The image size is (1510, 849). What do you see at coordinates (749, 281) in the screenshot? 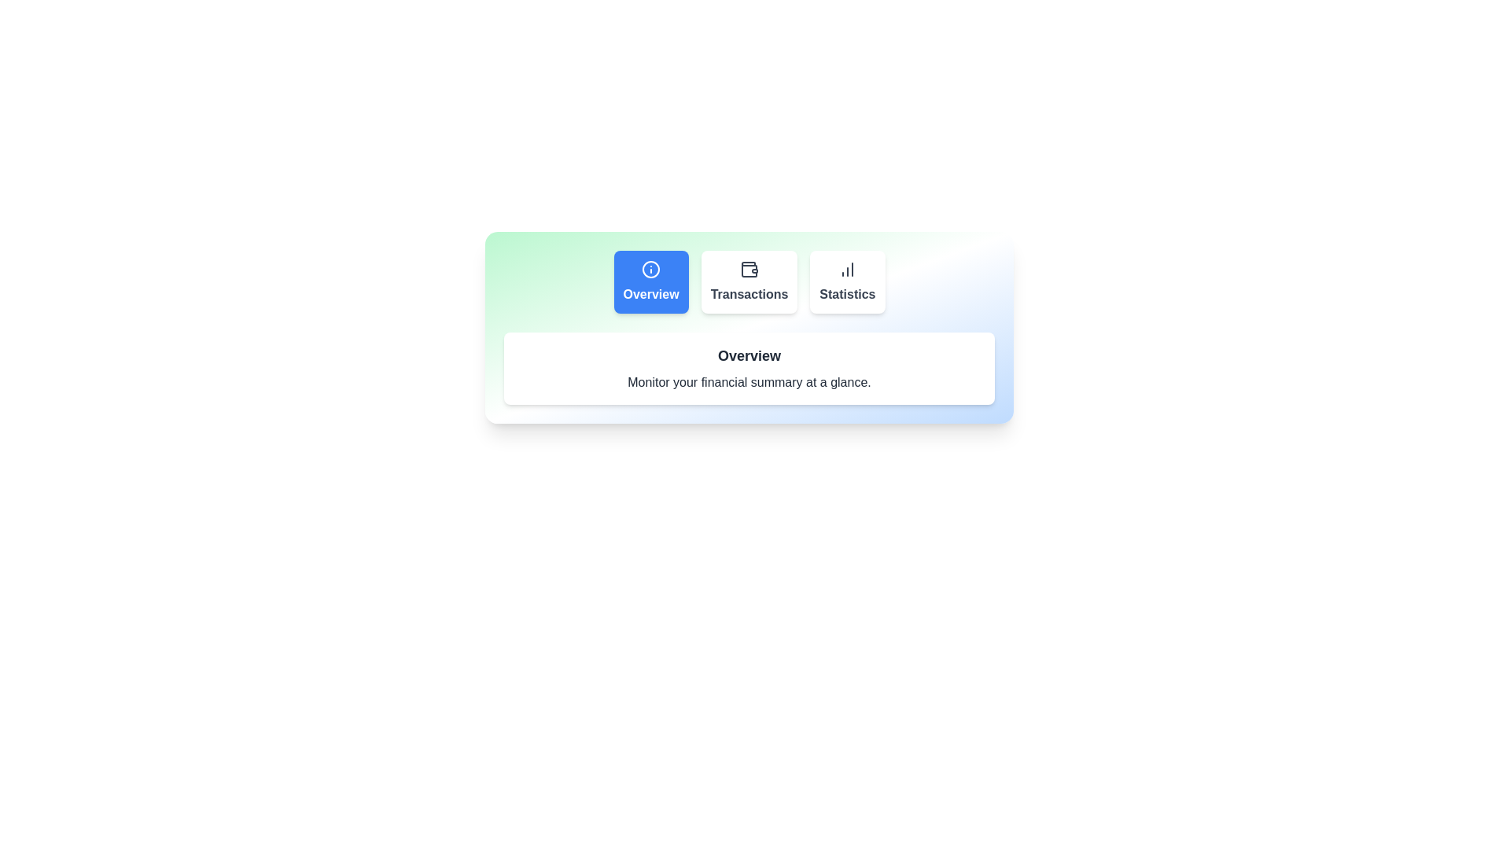
I see `the Transactions tab to explore its content` at bounding box center [749, 281].